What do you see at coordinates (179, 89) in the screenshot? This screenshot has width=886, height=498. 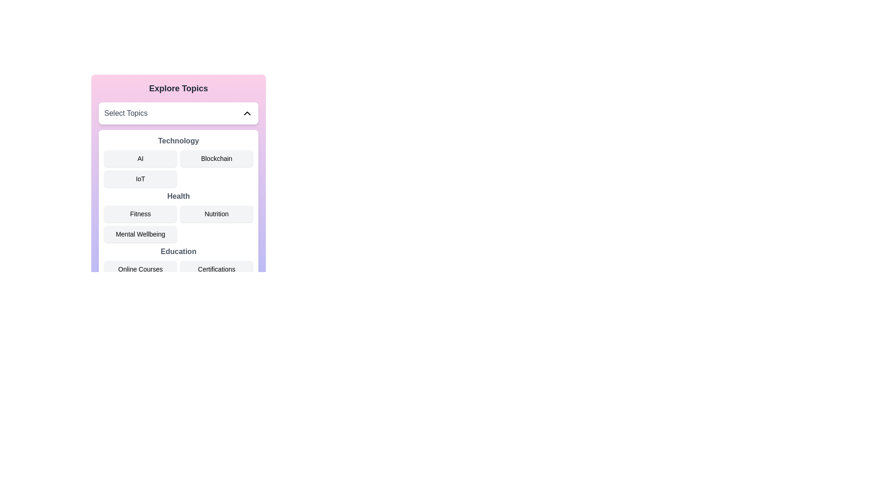 I see `the Text Label that serves as a heading or label, positioned at the top of a panel with a gradient background, directly above the 'Select Topics' section` at bounding box center [179, 89].